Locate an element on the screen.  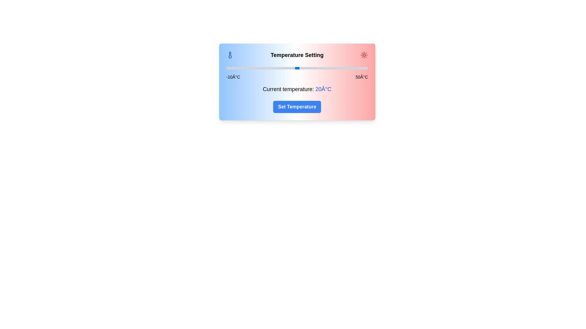
the slider to set the temperature to 9°C is located at coordinates (271, 68).